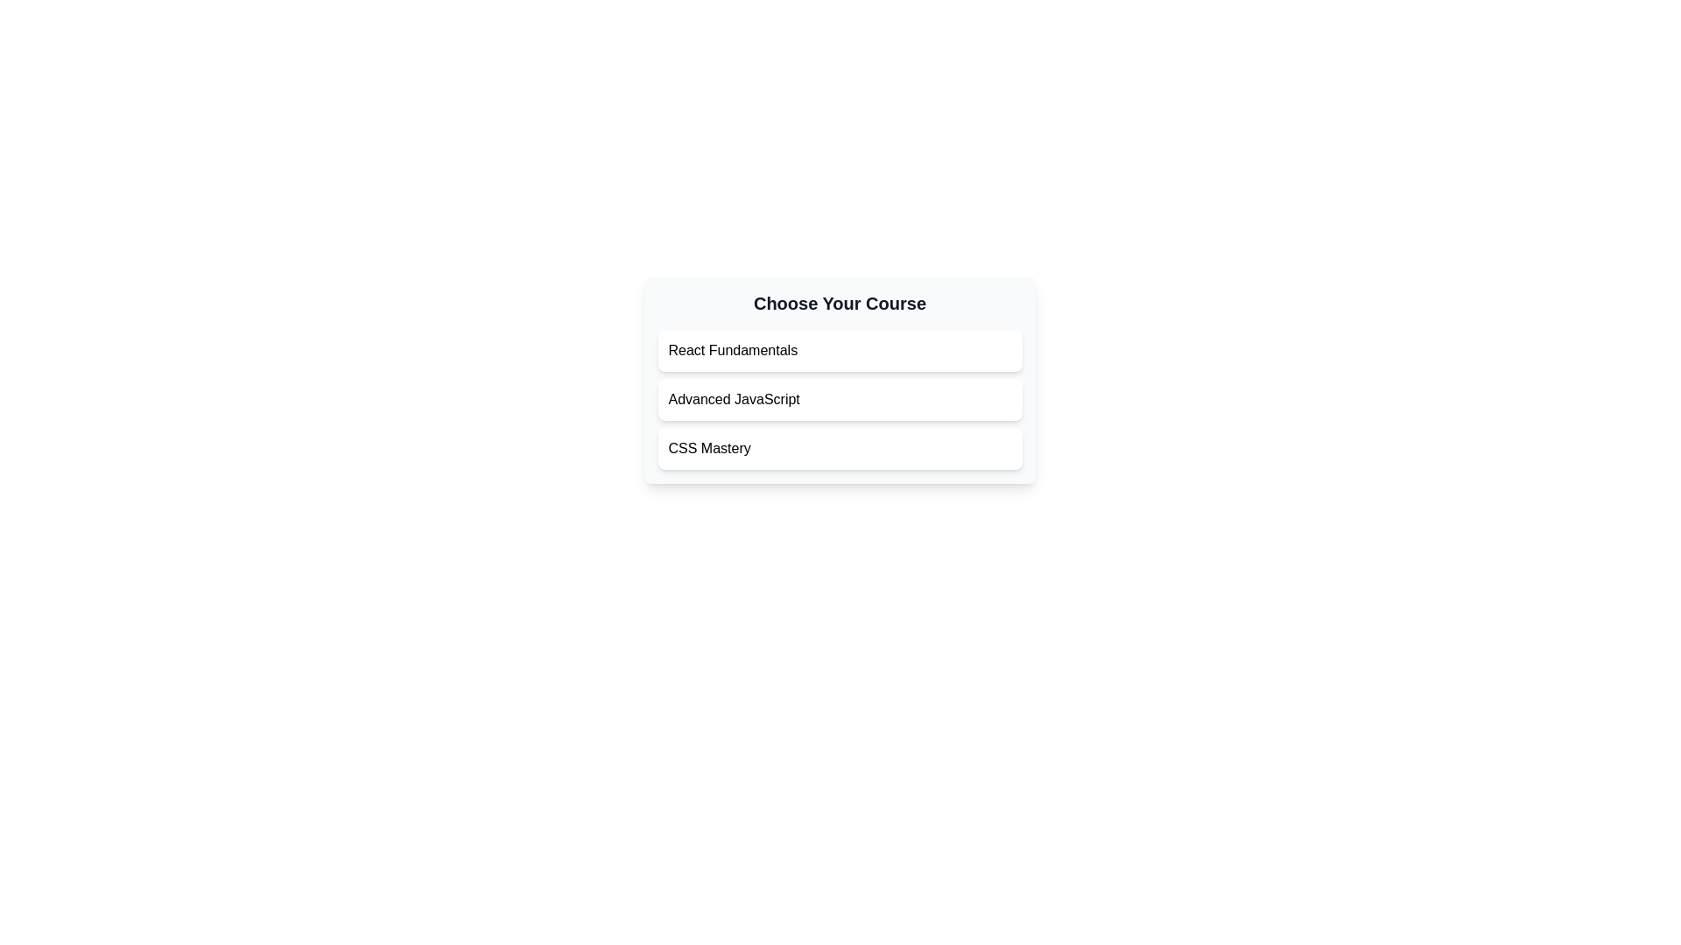  I want to click on the heading text that introduces the content for the options below it, which include 'React Fundamentals', 'Advanced JavaScript', and 'CSS Mastery', so click(839, 303).